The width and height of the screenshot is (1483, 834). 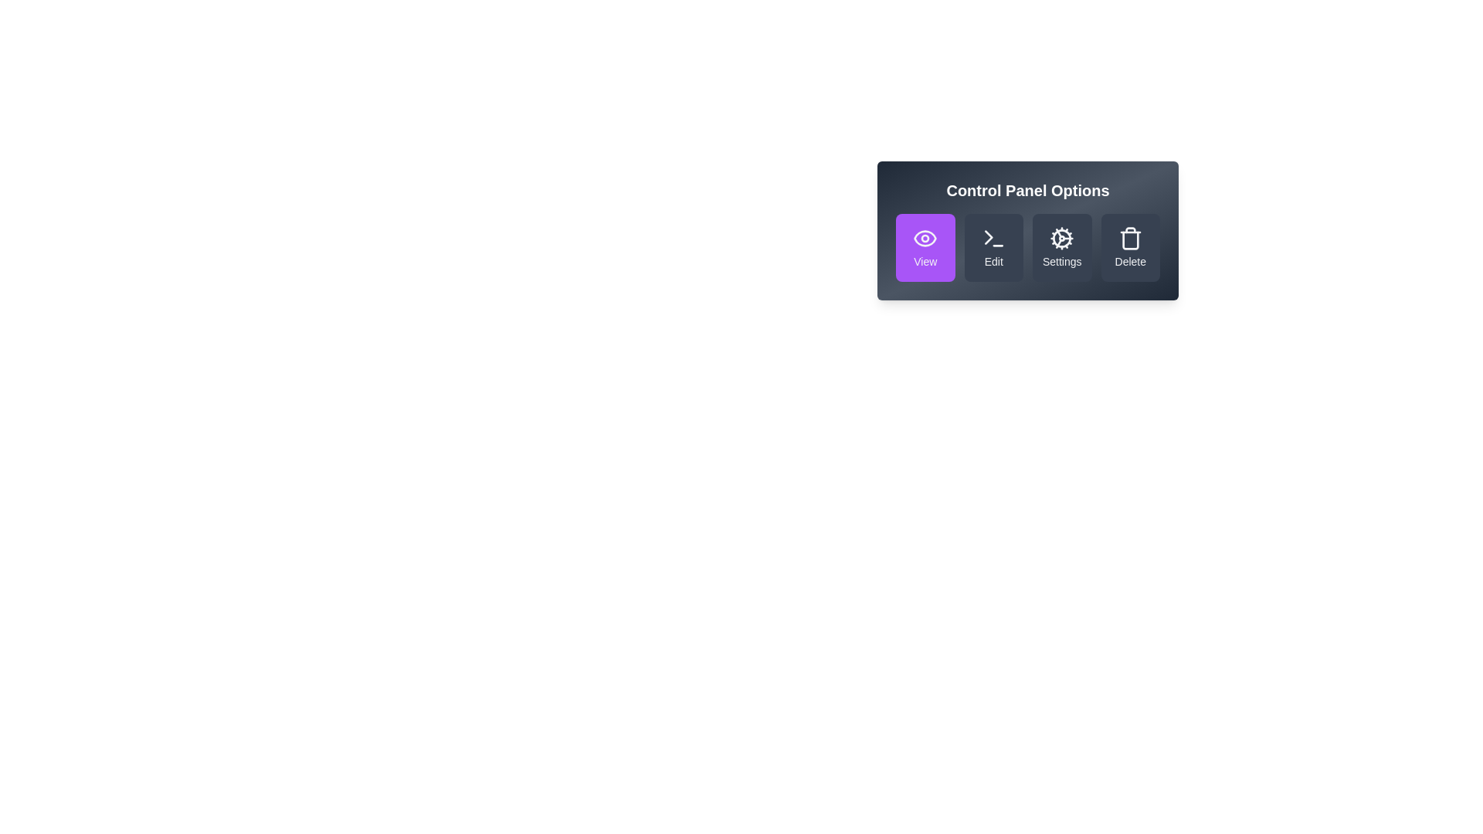 I want to click on the interactive menu or toolbar displaying 'Control Panel Options' with icons for 'View', 'Edit', 'Settings', and 'Delete', so click(x=1027, y=231).